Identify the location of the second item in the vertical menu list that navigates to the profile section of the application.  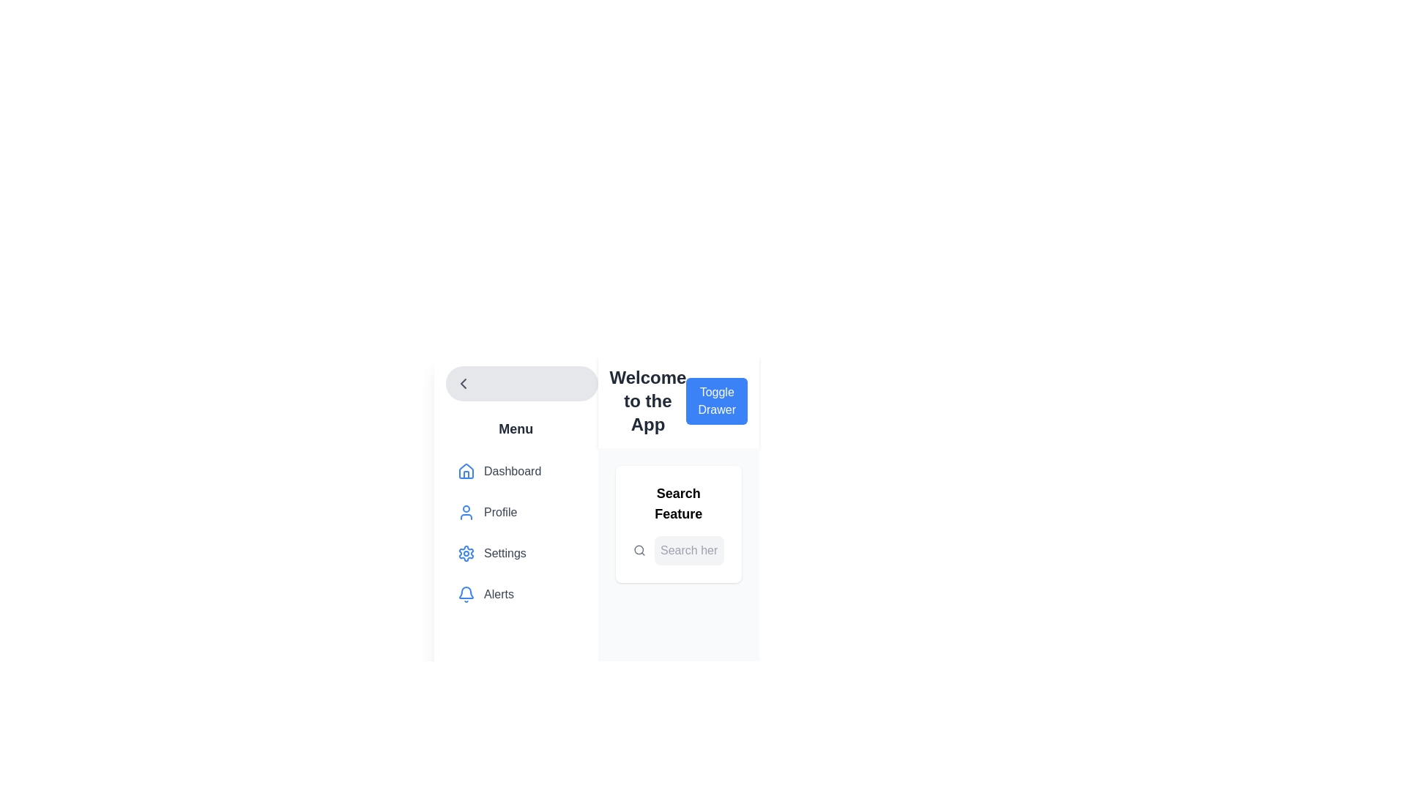
(516, 513).